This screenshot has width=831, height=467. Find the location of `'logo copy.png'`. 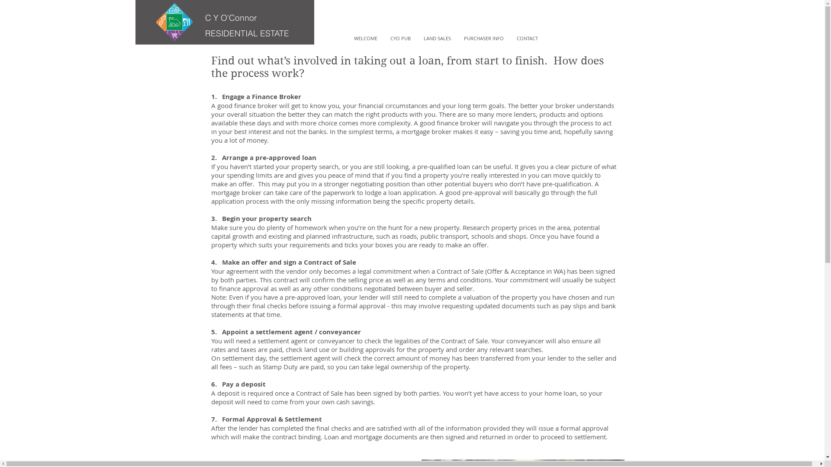

'logo copy.png' is located at coordinates (174, 21).